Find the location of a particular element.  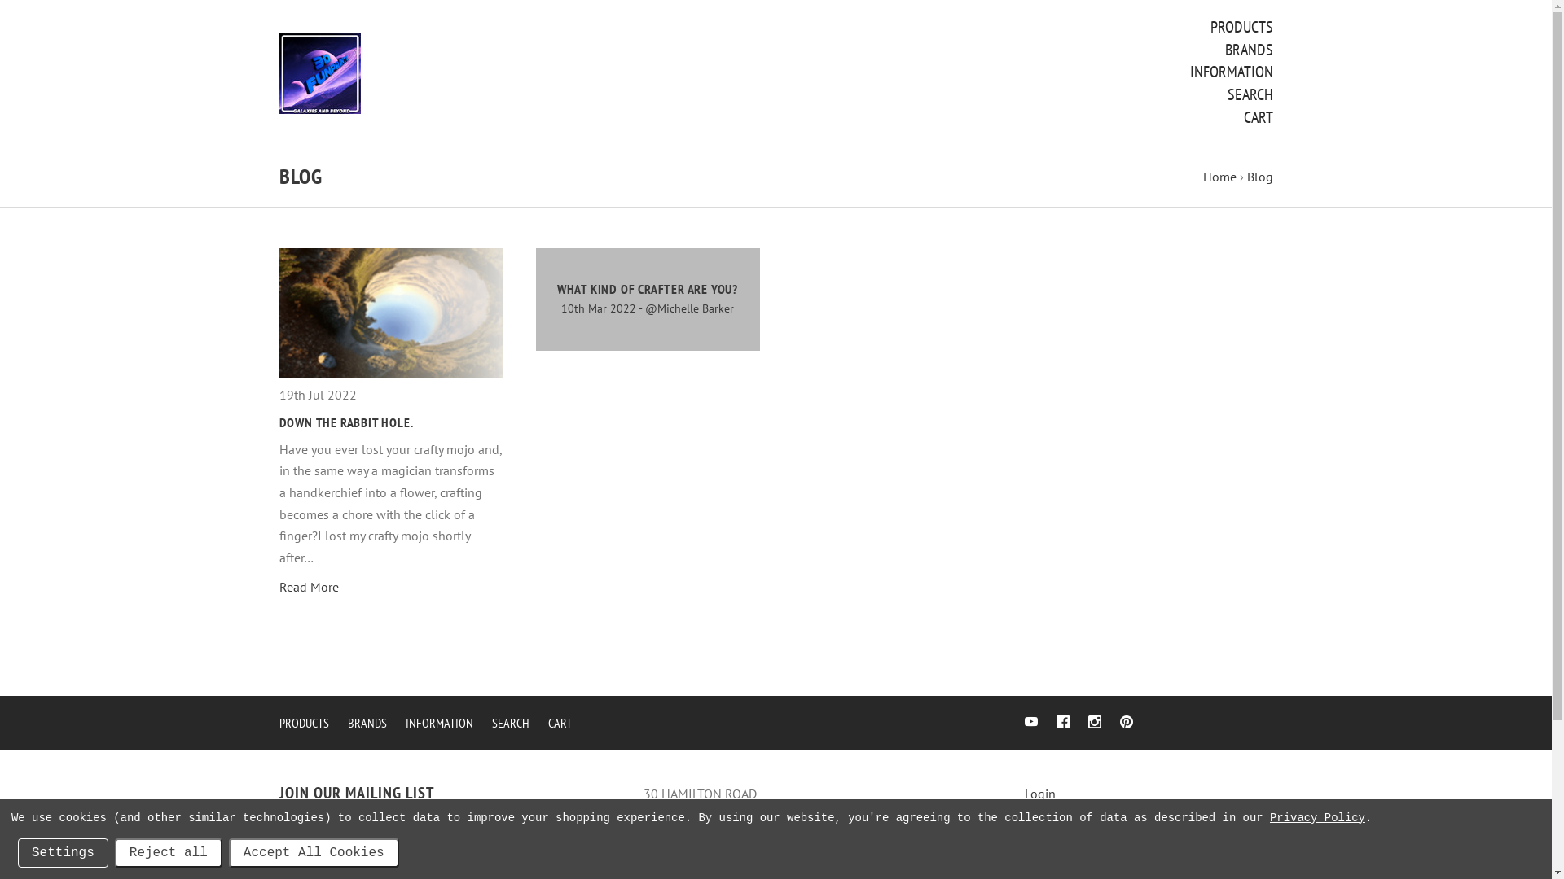

'CART' is located at coordinates (547, 721).